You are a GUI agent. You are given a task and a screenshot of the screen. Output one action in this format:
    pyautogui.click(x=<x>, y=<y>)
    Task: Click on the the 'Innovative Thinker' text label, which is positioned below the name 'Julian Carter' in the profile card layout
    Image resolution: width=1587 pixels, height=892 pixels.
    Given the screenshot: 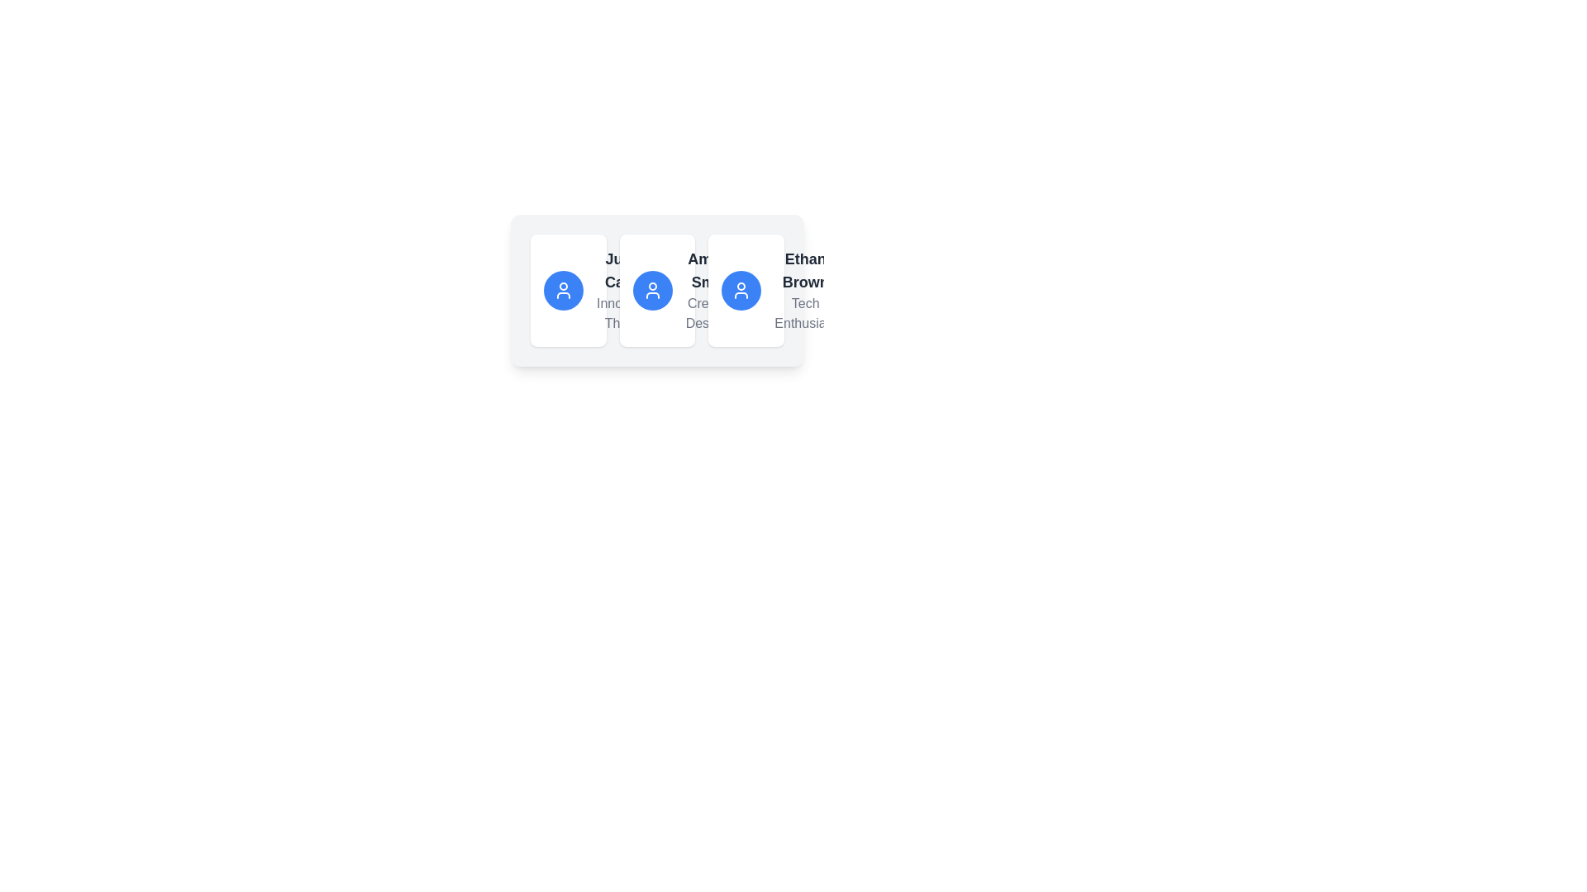 What is the action you would take?
    pyautogui.click(x=626, y=314)
    